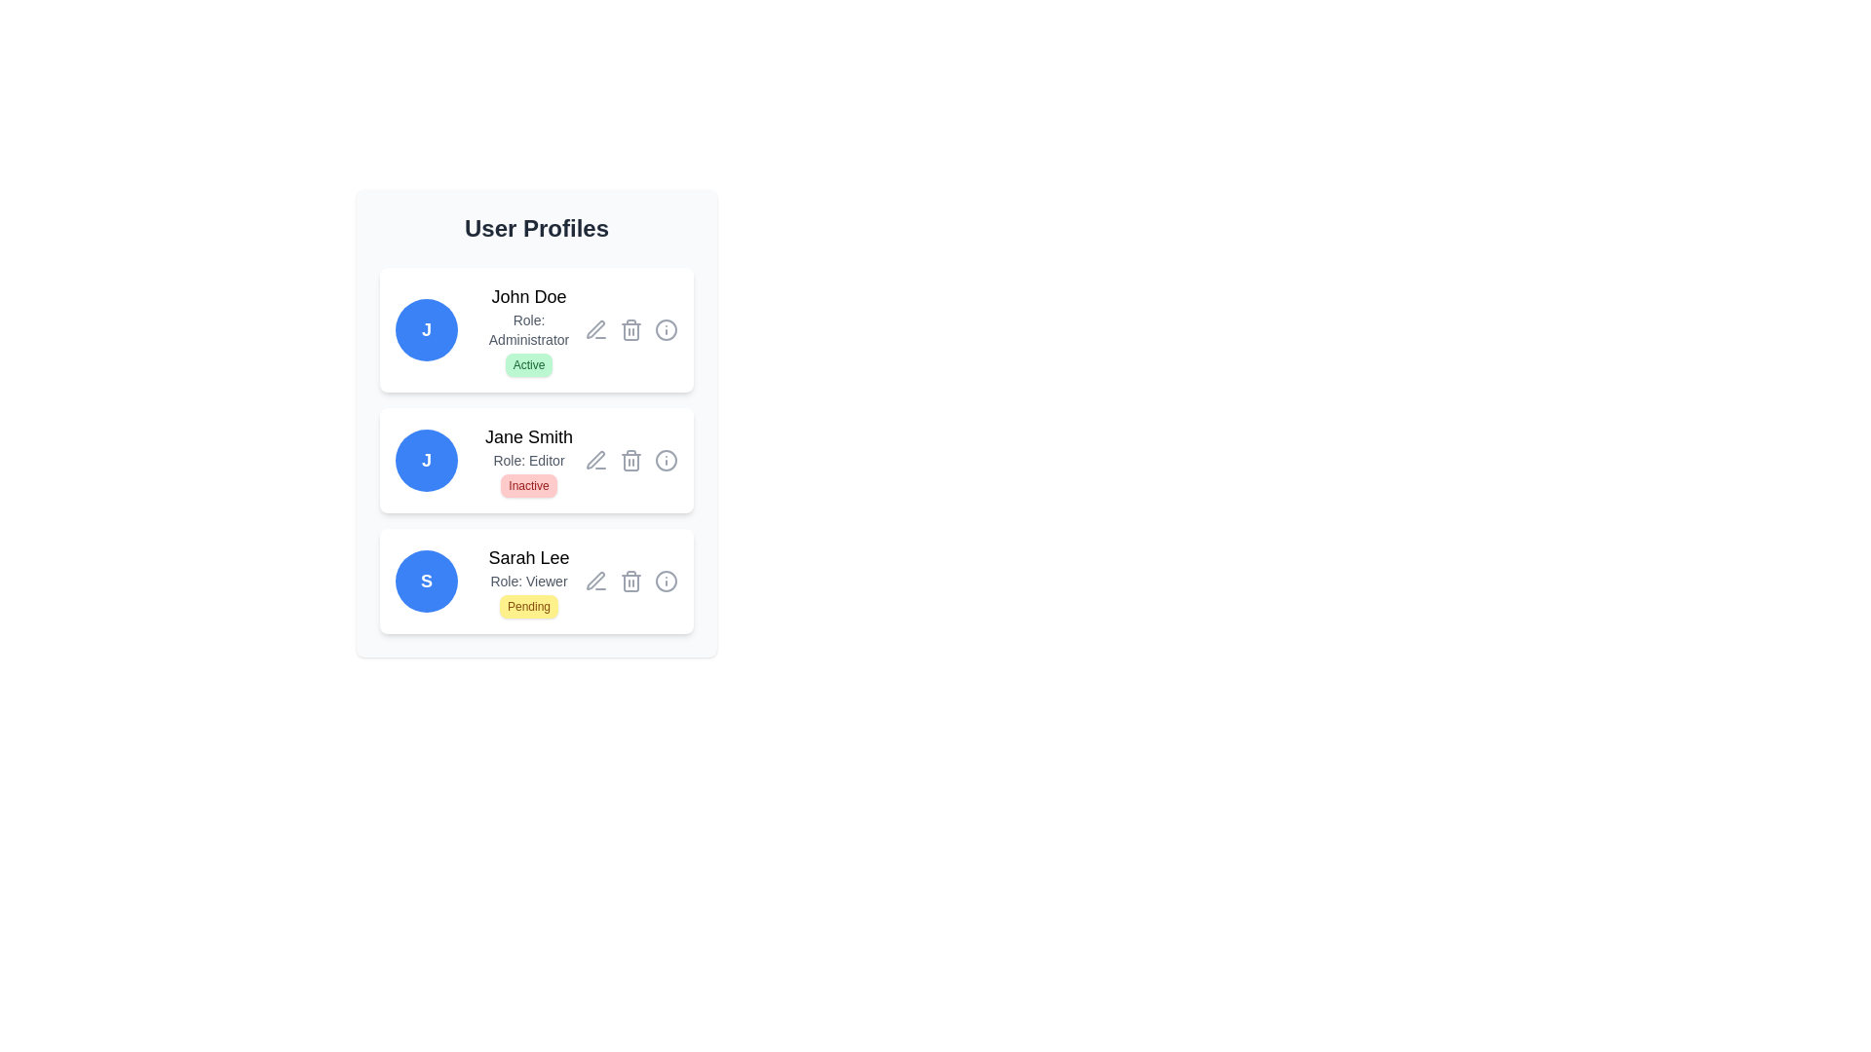 The image size is (1871, 1052). Describe the element at coordinates (631, 329) in the screenshot. I see `the trash bin icon, which is the second icon in the horizontal row of icons next to 'John Doe' in the user profile list` at that location.